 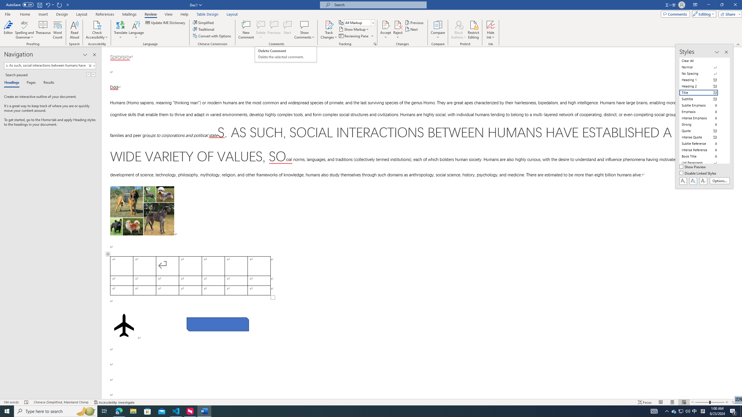 What do you see at coordinates (26, 402) in the screenshot?
I see `'Spelling and Grammar Check Errors'` at bounding box center [26, 402].